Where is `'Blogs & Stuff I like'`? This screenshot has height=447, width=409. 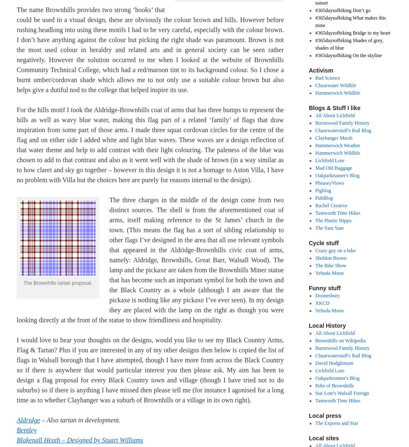
'Blogs & Stuff I like' is located at coordinates (334, 108).